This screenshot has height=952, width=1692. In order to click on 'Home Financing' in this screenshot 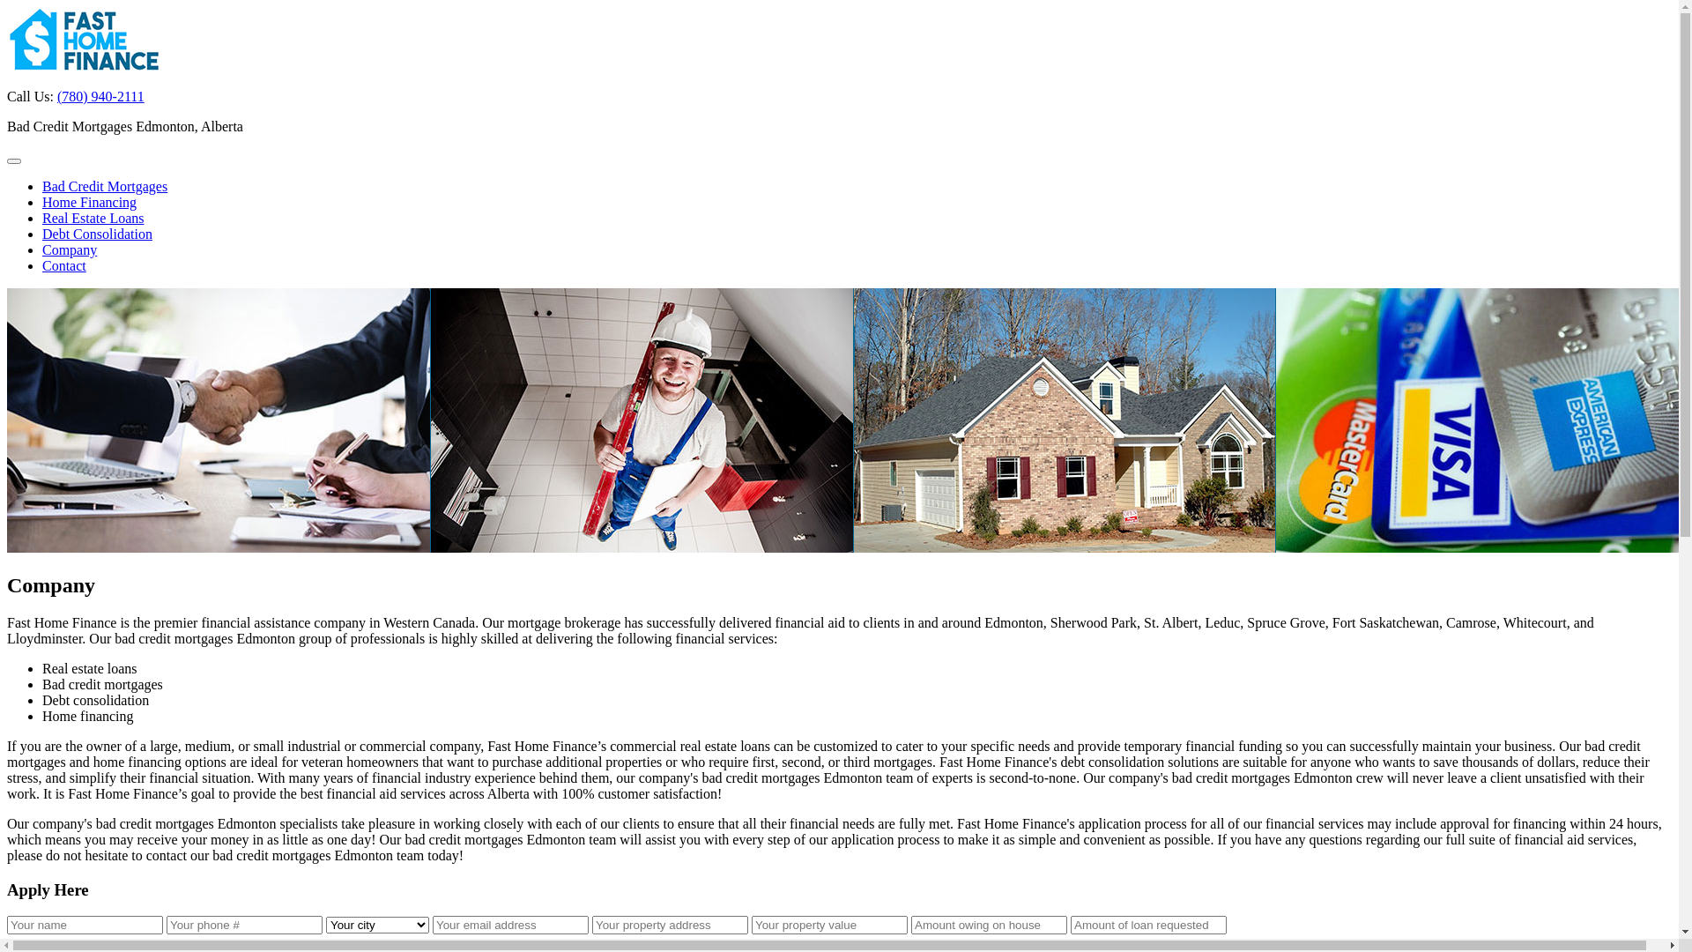, I will do `click(88, 201)`.